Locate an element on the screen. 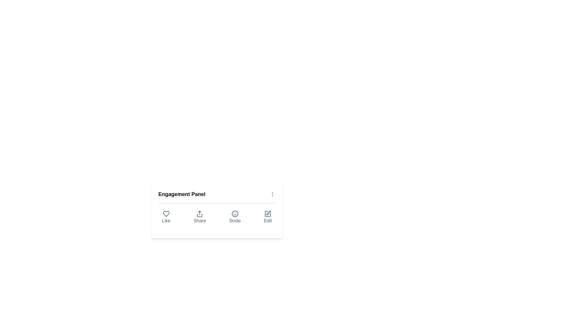 This screenshot has height=316, width=562. the edit button is located at coordinates (268, 217).